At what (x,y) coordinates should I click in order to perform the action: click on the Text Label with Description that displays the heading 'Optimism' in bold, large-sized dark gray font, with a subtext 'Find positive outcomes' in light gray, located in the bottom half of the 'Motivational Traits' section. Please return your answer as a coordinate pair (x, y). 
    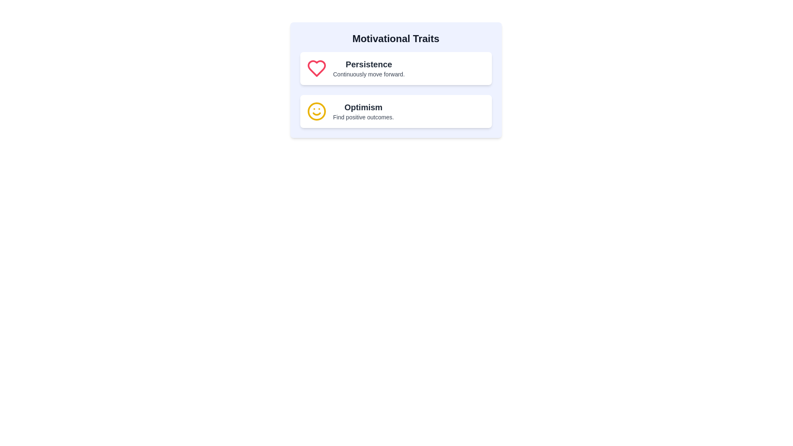
    Looking at the image, I should click on (363, 111).